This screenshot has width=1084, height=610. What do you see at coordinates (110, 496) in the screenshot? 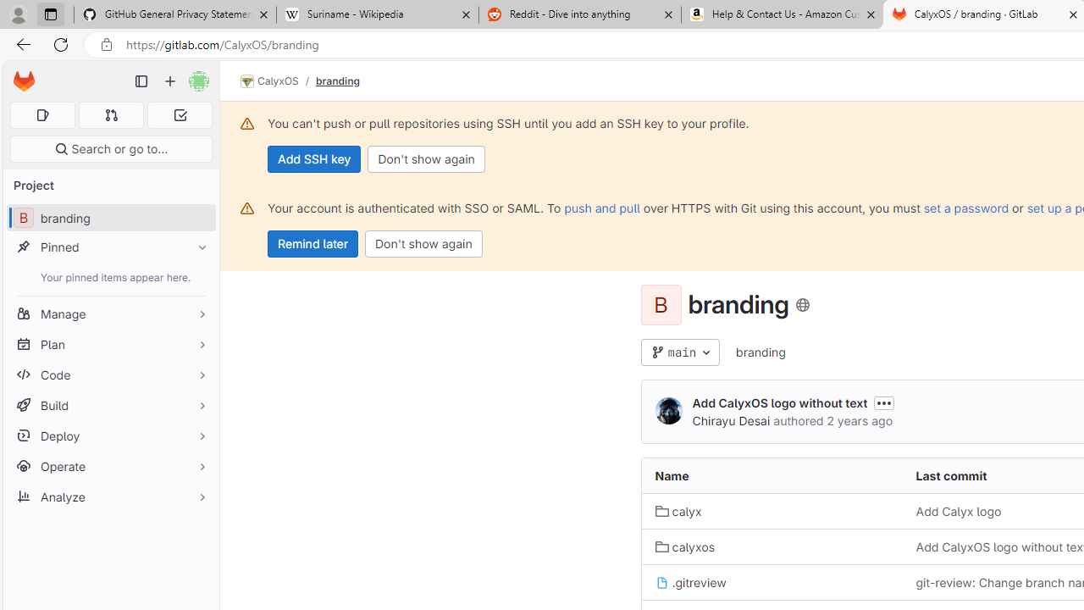
I see `'Analyze'` at bounding box center [110, 496].